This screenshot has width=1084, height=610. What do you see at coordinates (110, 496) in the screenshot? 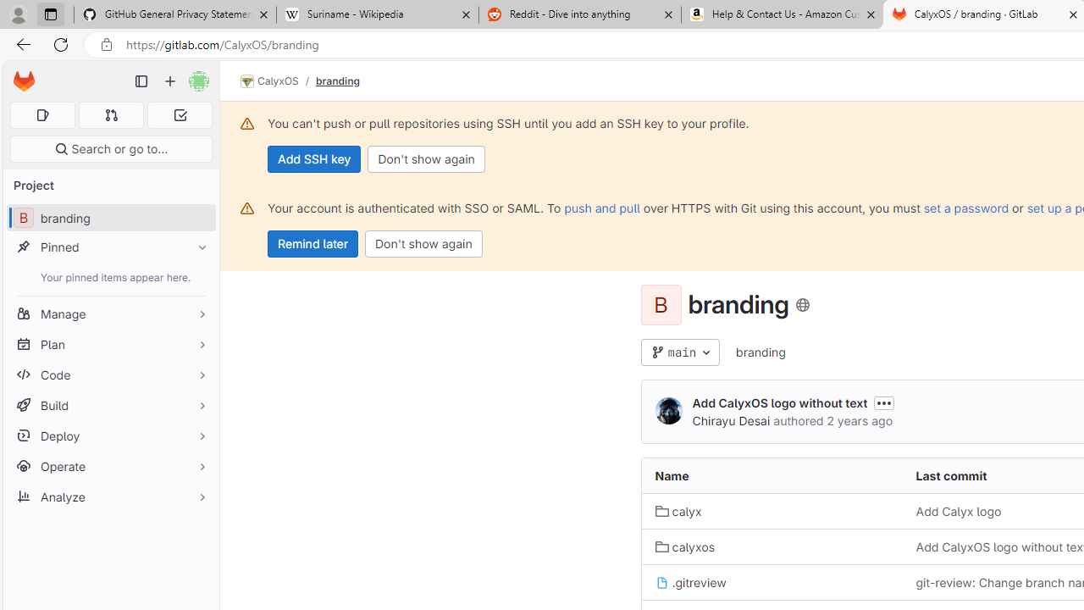
I see `'Analyze'` at bounding box center [110, 496].